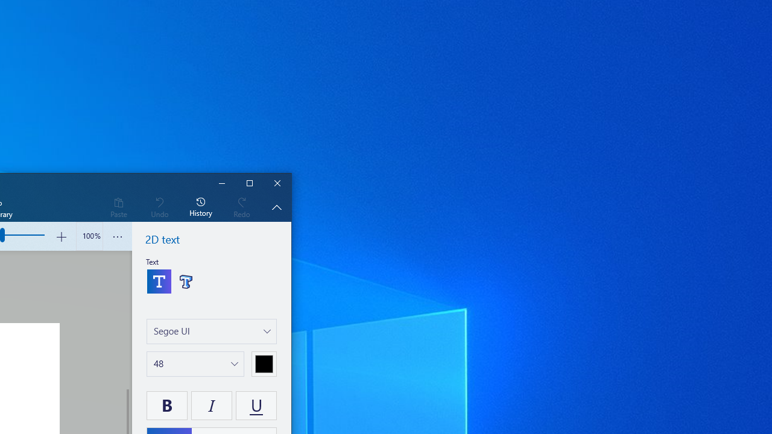 This screenshot has height=434, width=772. Describe the element at coordinates (241, 206) in the screenshot. I see `'Redo'` at that location.